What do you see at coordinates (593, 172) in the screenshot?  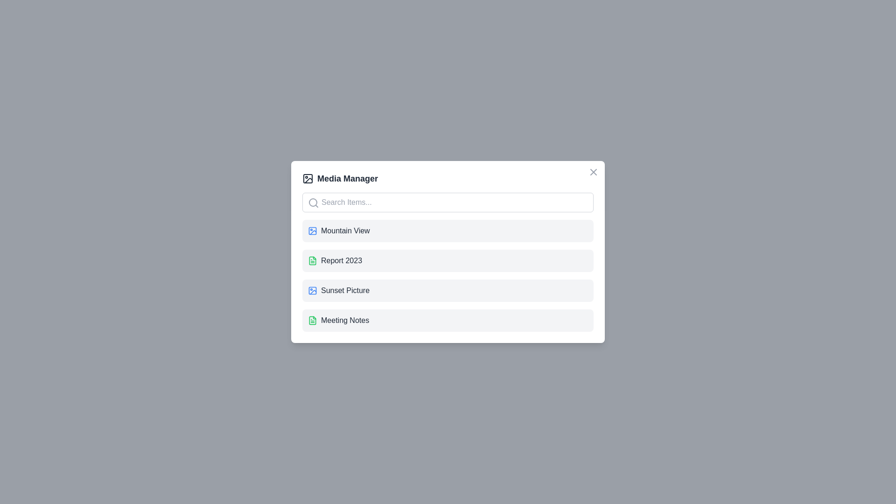 I see `close button in the top-right corner of the dialog` at bounding box center [593, 172].